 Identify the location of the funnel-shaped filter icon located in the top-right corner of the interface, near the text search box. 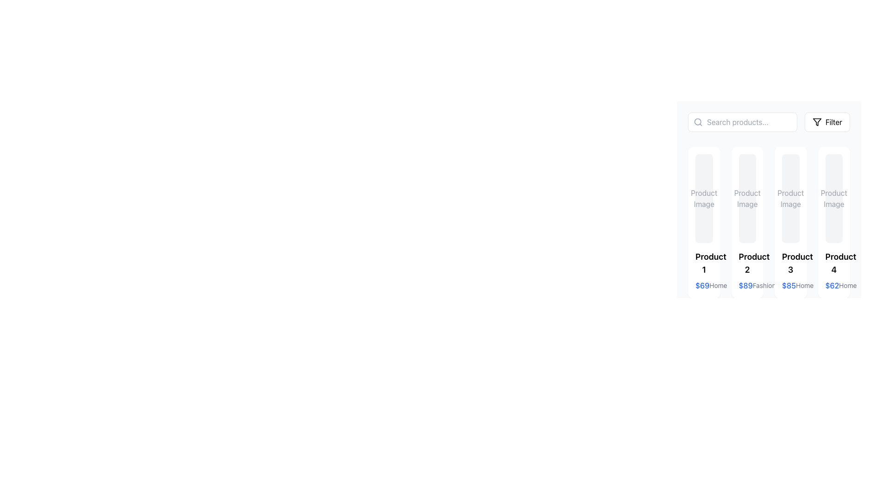
(817, 121).